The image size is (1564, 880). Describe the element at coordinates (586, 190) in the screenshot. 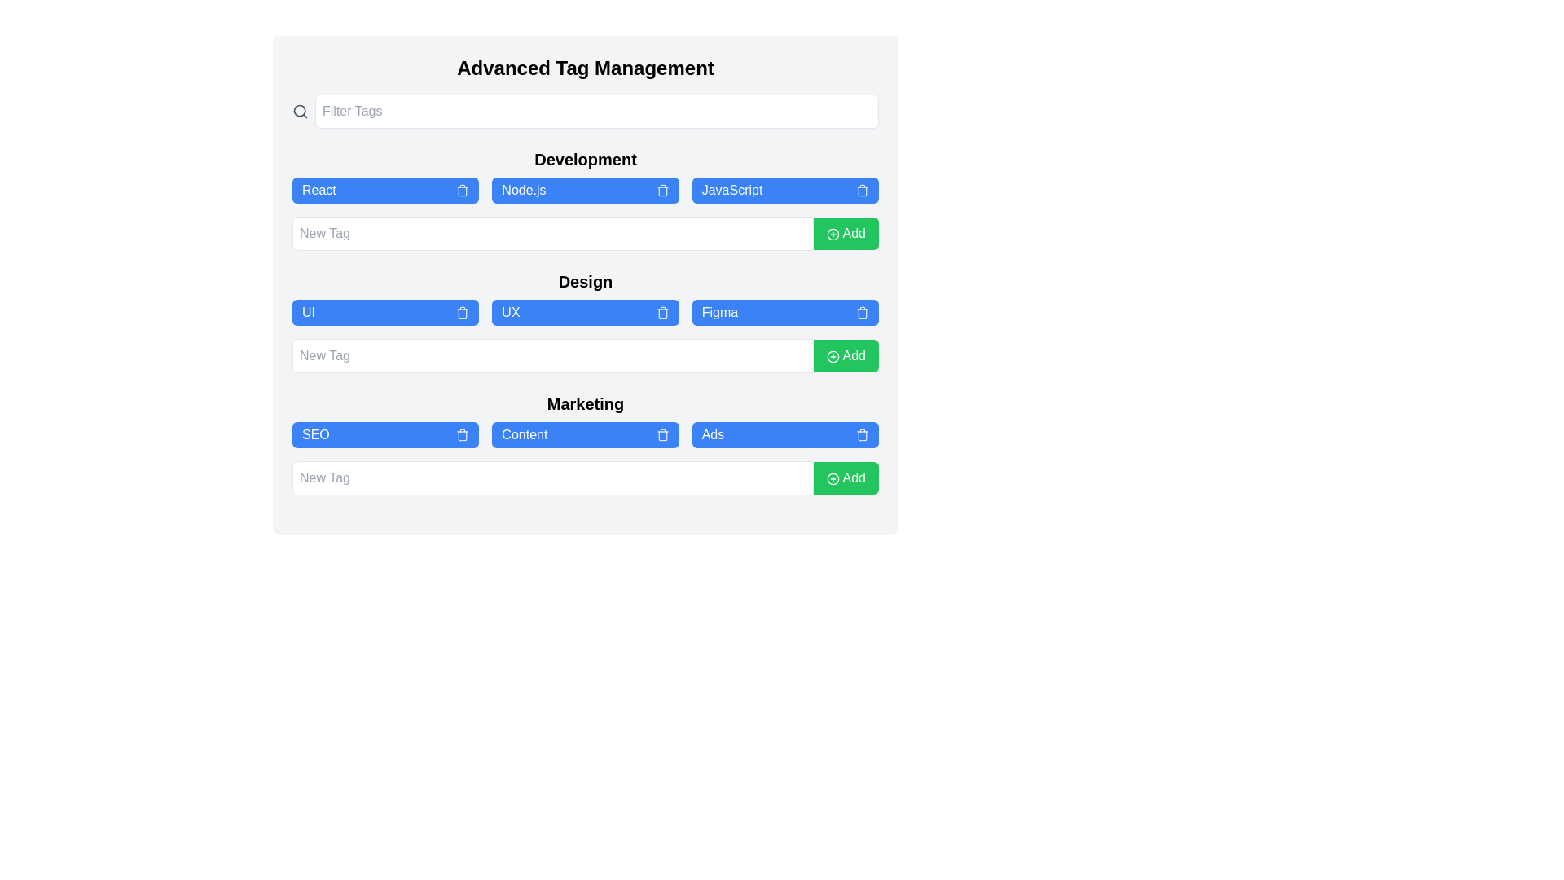

I see `the middle button labeled 'Node.js' in the horizontal row of buttons under 'Development'` at that location.